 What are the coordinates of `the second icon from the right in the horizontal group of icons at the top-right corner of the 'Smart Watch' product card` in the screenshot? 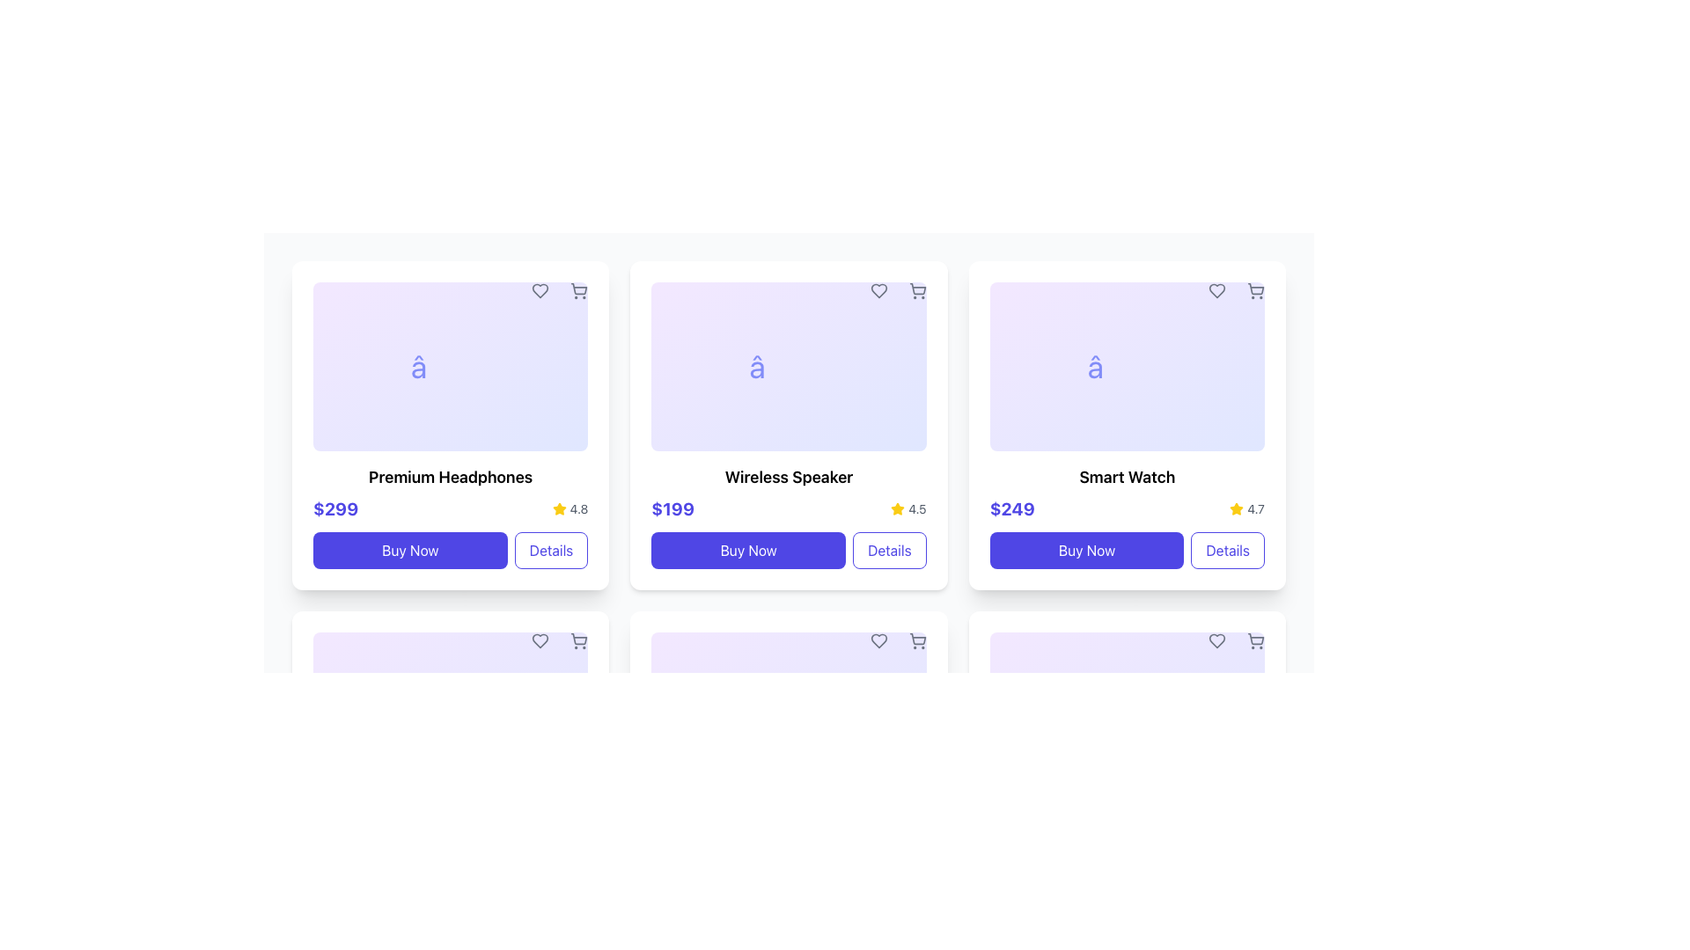 It's located at (1254, 641).